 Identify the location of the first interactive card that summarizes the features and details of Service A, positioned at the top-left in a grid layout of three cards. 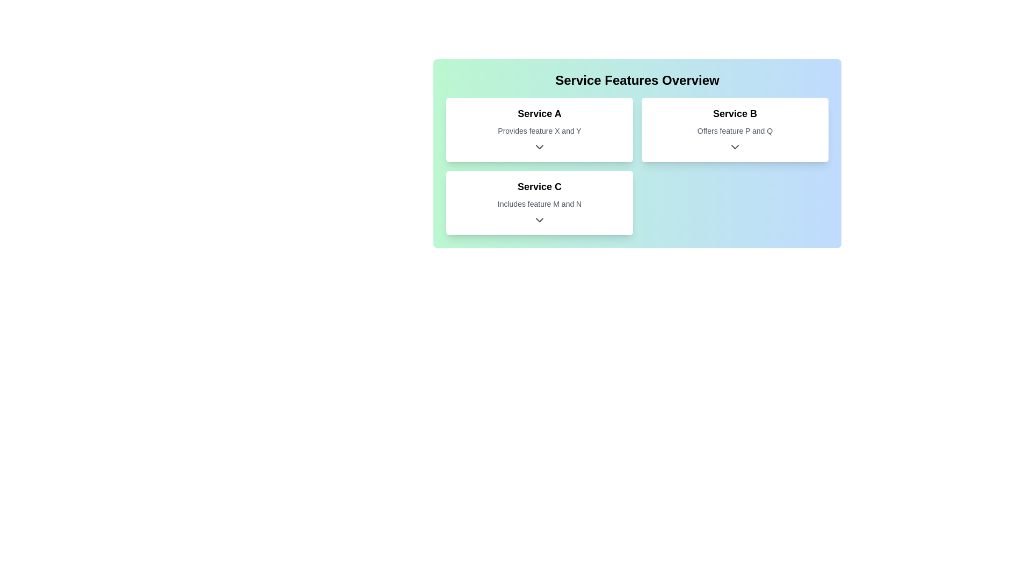
(539, 129).